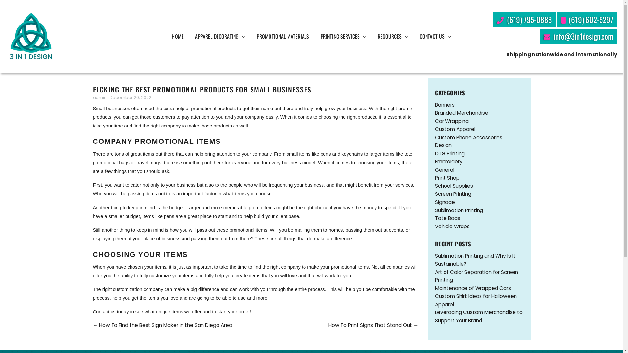  I want to click on 'admin', so click(99, 97).